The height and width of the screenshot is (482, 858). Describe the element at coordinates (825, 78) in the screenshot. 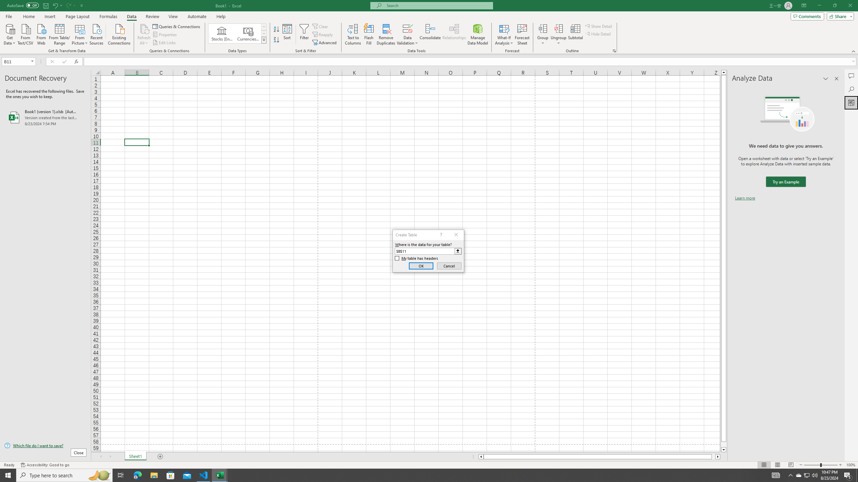

I see `'Task Pane Options'` at that location.